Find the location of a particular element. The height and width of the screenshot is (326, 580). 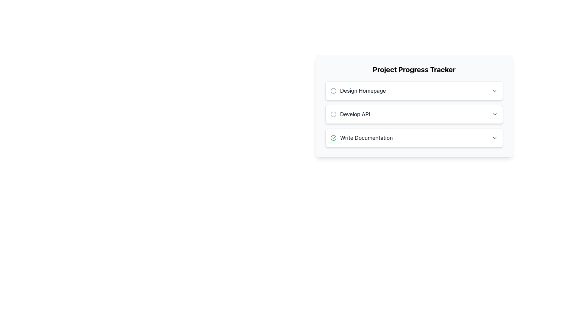

the 'Design Homepage' list item is located at coordinates (414, 91).